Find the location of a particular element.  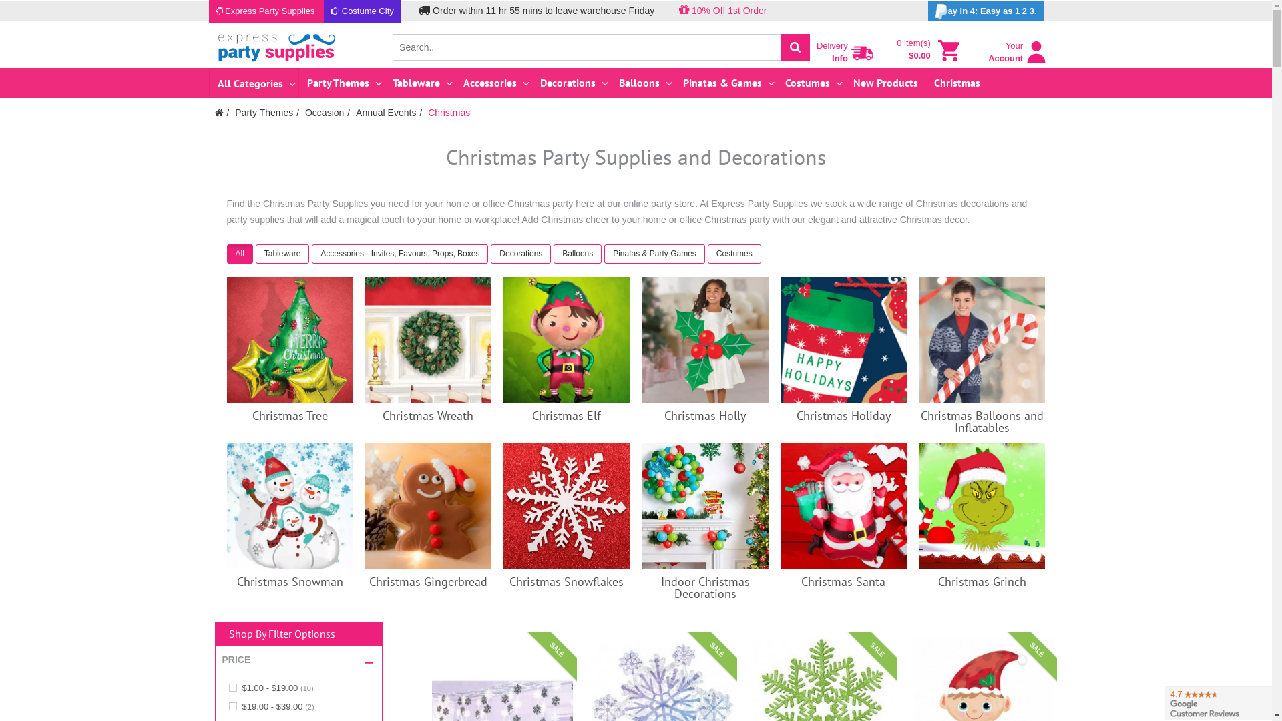

'Christmas Gingerbread' is located at coordinates (428, 506).